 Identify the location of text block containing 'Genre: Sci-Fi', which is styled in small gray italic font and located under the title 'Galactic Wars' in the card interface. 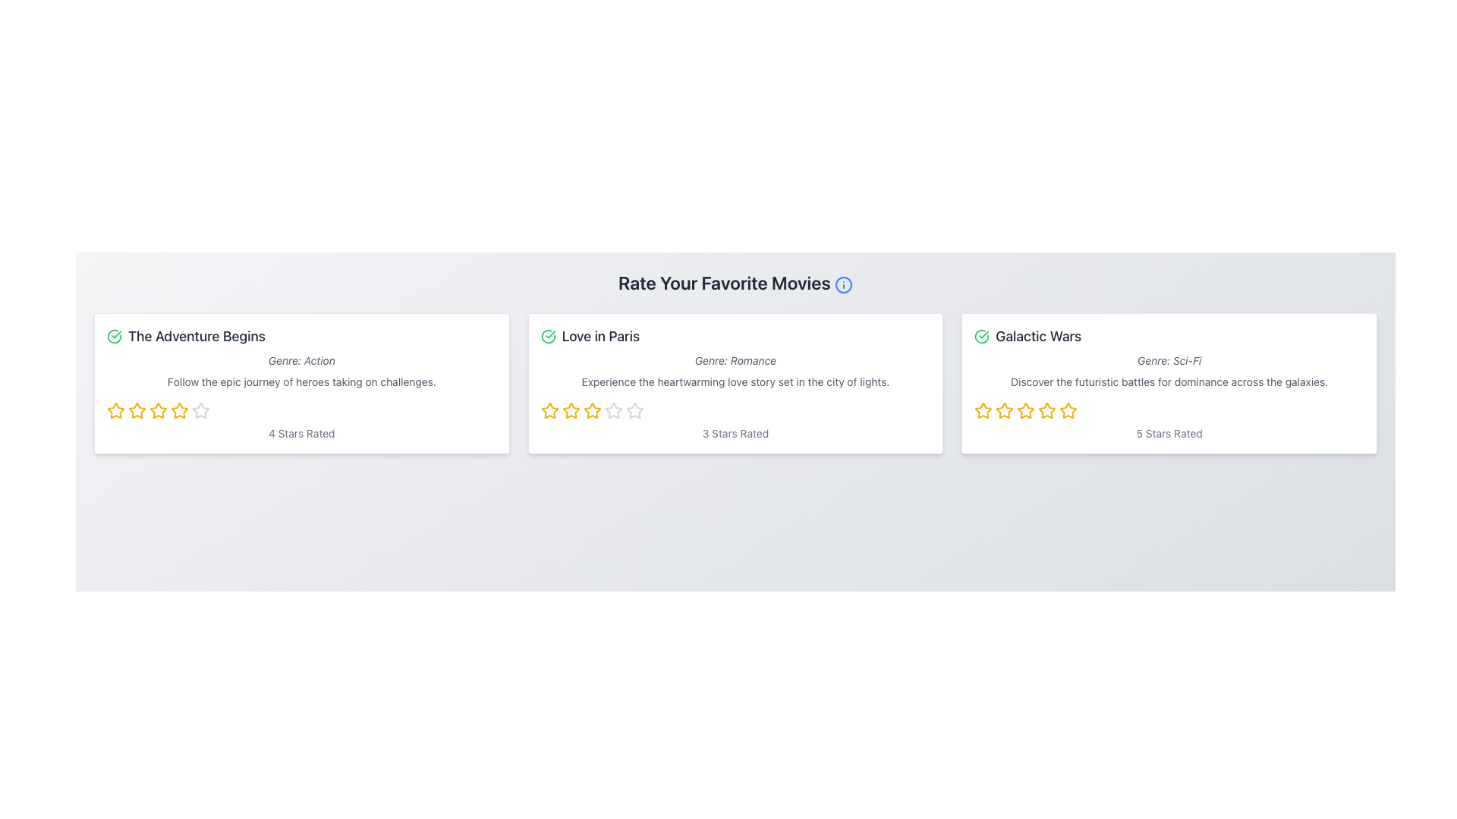
(1169, 360).